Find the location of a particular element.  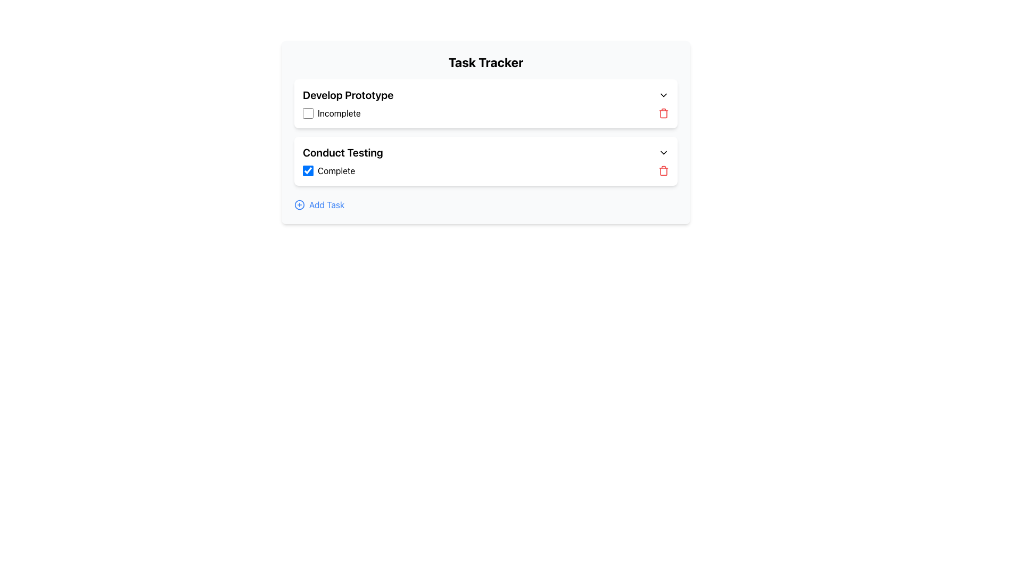

the checkbox labeled 'Incomplete' is located at coordinates (331, 113).